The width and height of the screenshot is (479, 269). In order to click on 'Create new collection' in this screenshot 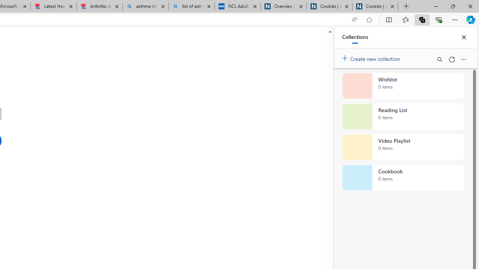, I will do `click(372, 57)`.